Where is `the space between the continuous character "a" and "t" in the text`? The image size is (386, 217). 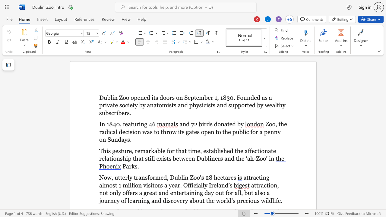
the space between the continuous character "a" and "t" in the text is located at coordinates (227, 124).